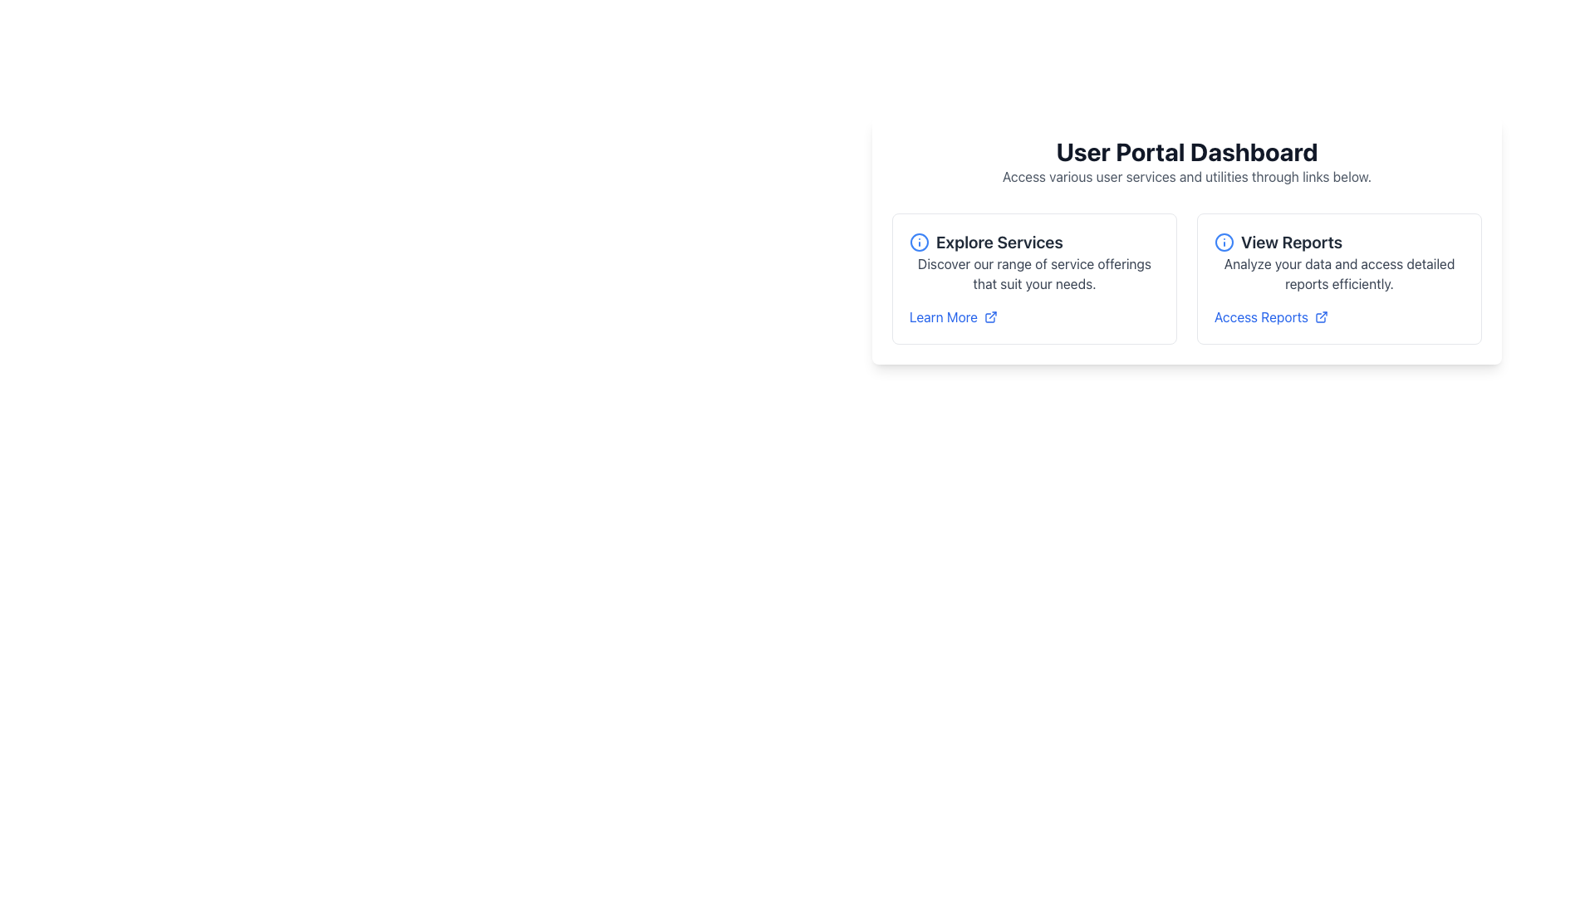  I want to click on the circular blue icon with an information symbol, located to the left of the 'View Reports' text, so click(1224, 243).